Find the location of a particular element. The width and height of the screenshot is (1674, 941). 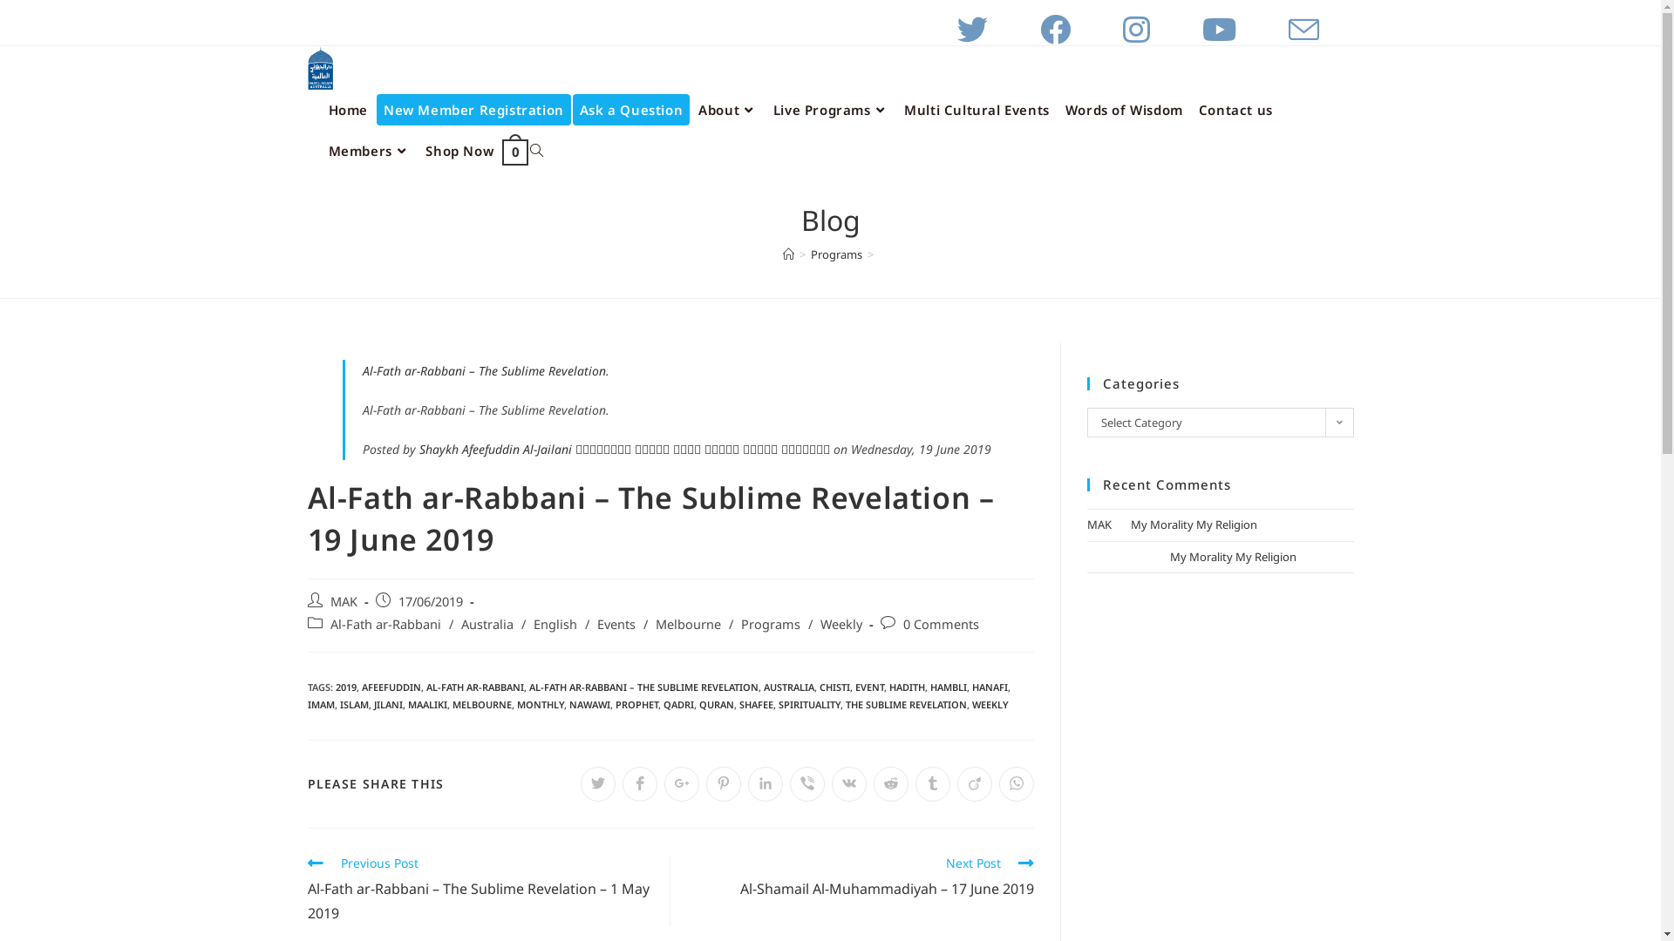

'2019' is located at coordinates (344, 686).